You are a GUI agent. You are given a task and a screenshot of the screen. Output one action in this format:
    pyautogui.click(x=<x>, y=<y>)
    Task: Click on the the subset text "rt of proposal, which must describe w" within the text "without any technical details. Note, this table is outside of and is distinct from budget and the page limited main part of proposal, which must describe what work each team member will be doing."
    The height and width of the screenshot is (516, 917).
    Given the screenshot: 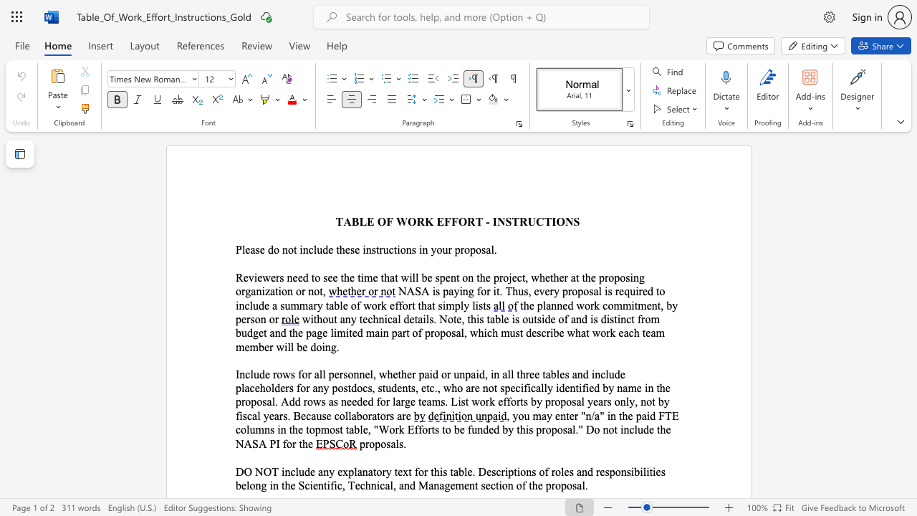 What is the action you would take?
    pyautogui.click(x=401, y=333)
    